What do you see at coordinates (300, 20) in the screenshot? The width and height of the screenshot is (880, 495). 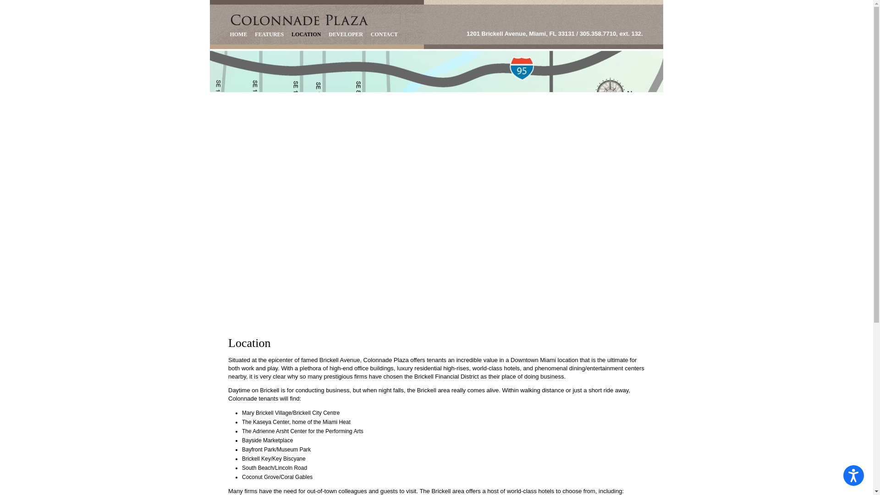 I see `'1201 Brickell'` at bounding box center [300, 20].